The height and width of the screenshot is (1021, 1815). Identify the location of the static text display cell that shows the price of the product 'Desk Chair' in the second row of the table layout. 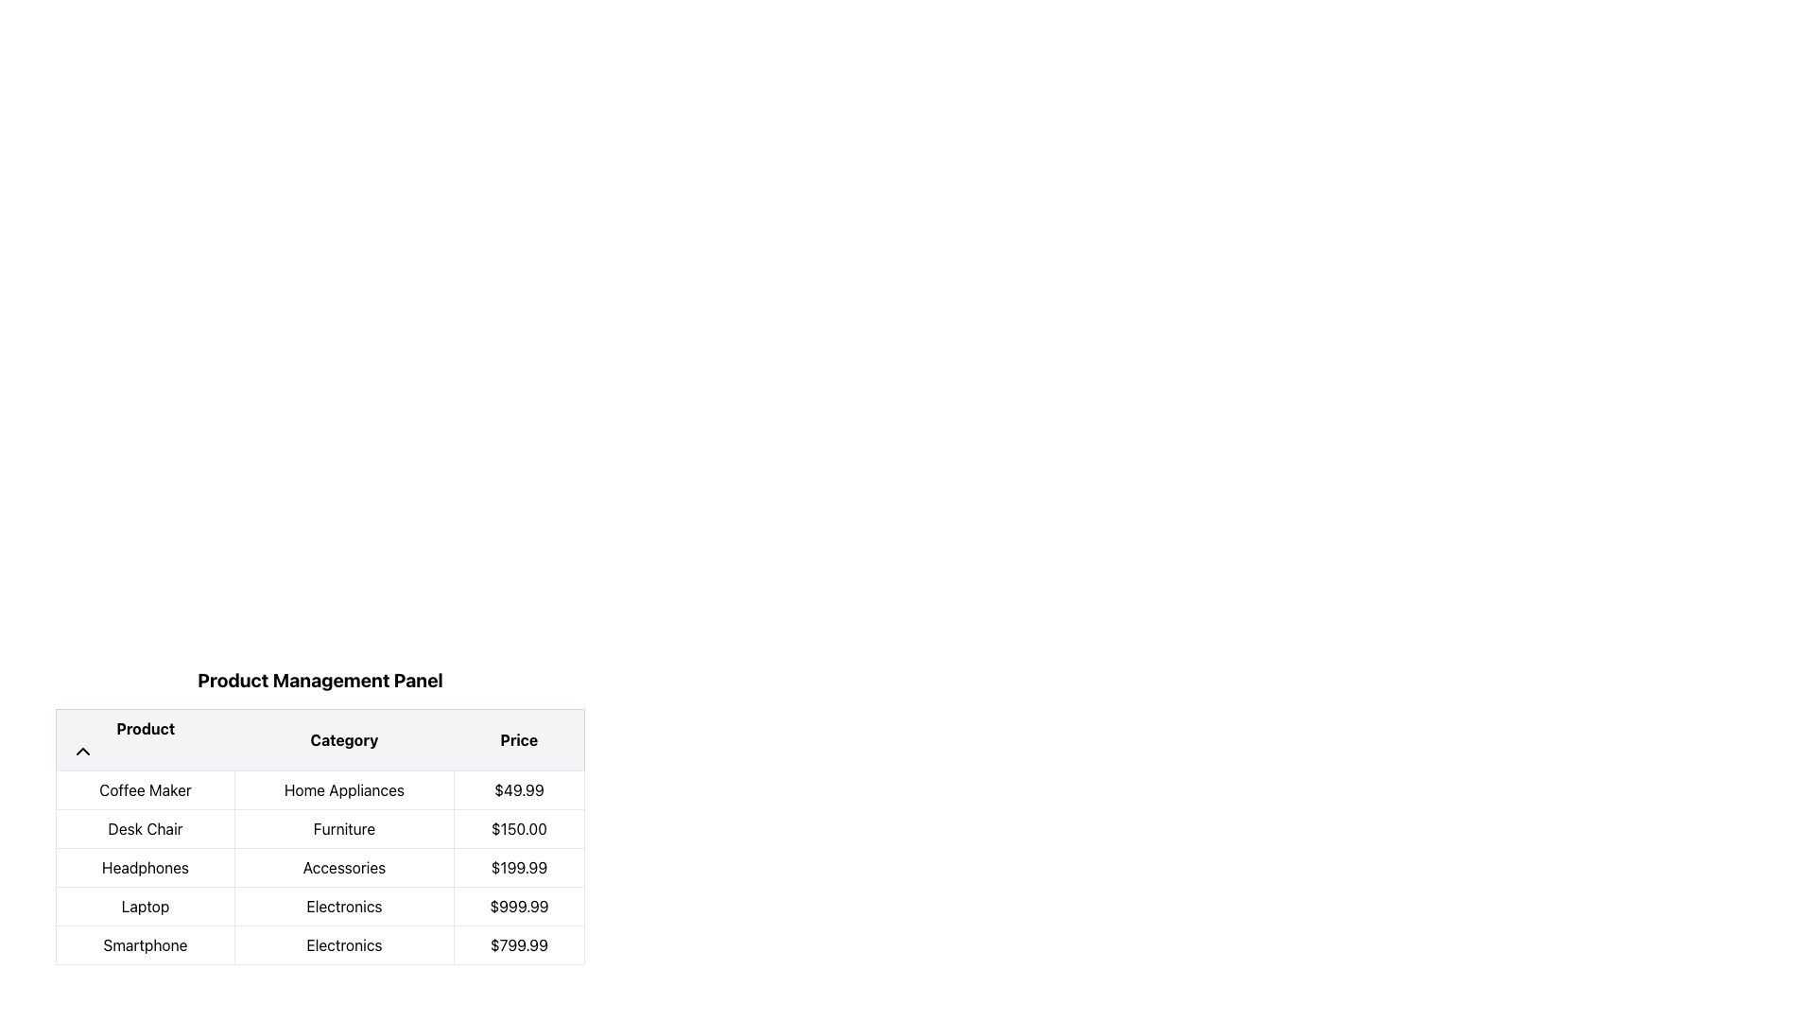
(519, 827).